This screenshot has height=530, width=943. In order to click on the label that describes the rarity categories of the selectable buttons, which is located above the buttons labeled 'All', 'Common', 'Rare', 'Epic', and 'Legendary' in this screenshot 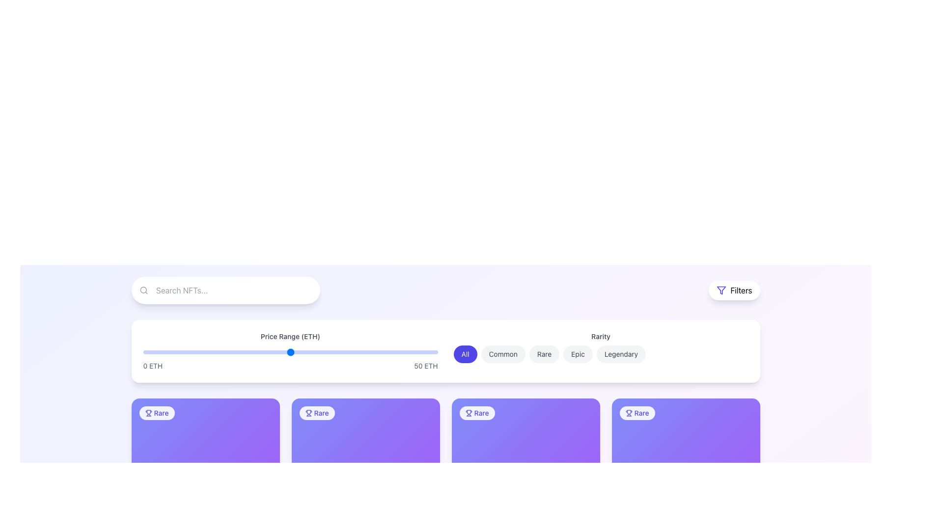, I will do `click(600, 336)`.